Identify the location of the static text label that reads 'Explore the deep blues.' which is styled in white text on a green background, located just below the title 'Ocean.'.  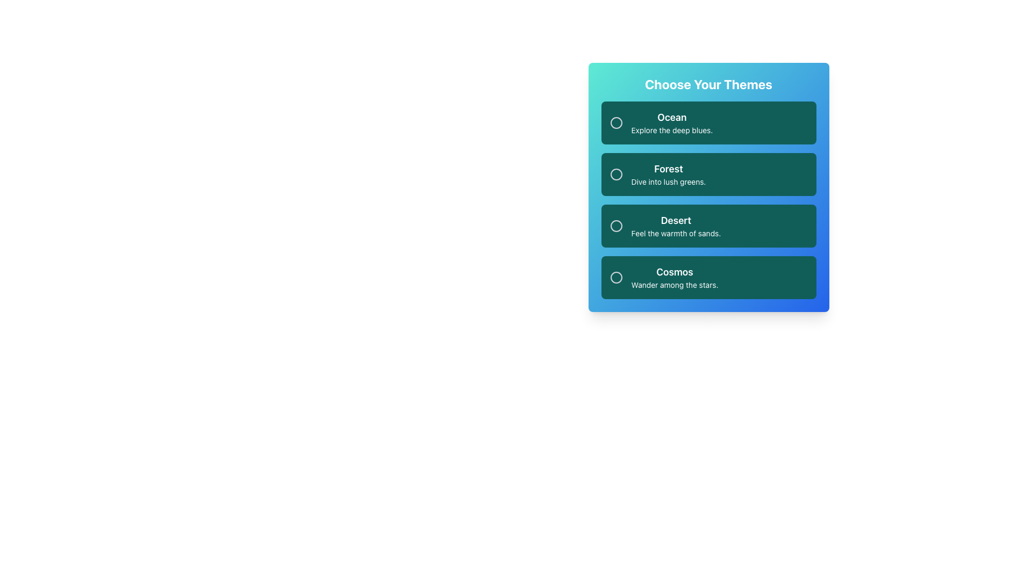
(671, 130).